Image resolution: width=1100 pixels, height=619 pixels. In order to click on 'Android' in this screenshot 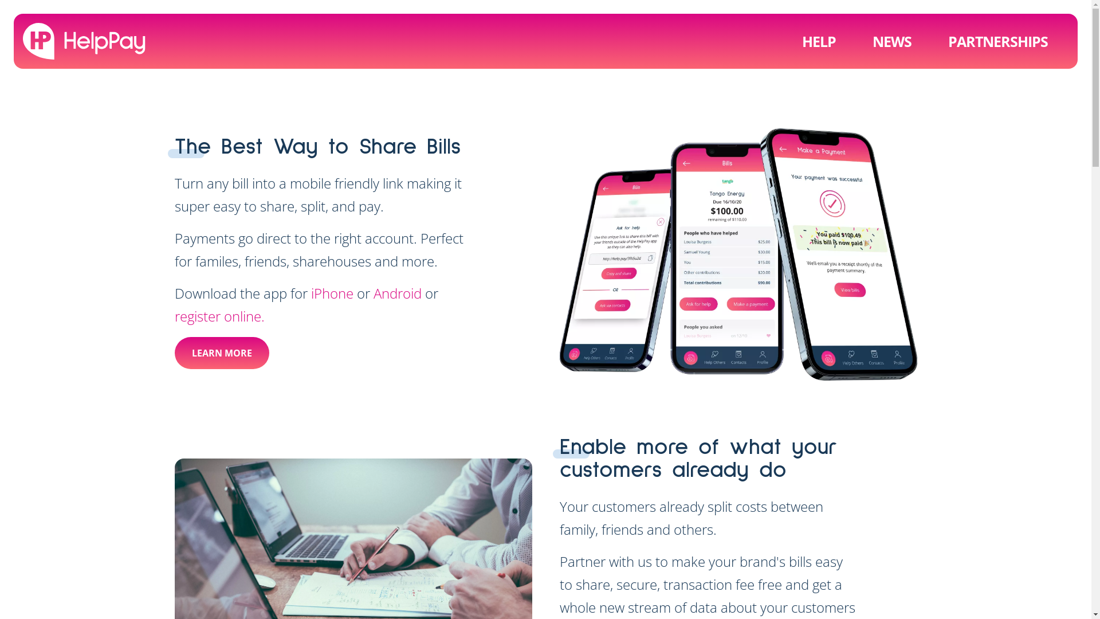, I will do `click(399, 292)`.